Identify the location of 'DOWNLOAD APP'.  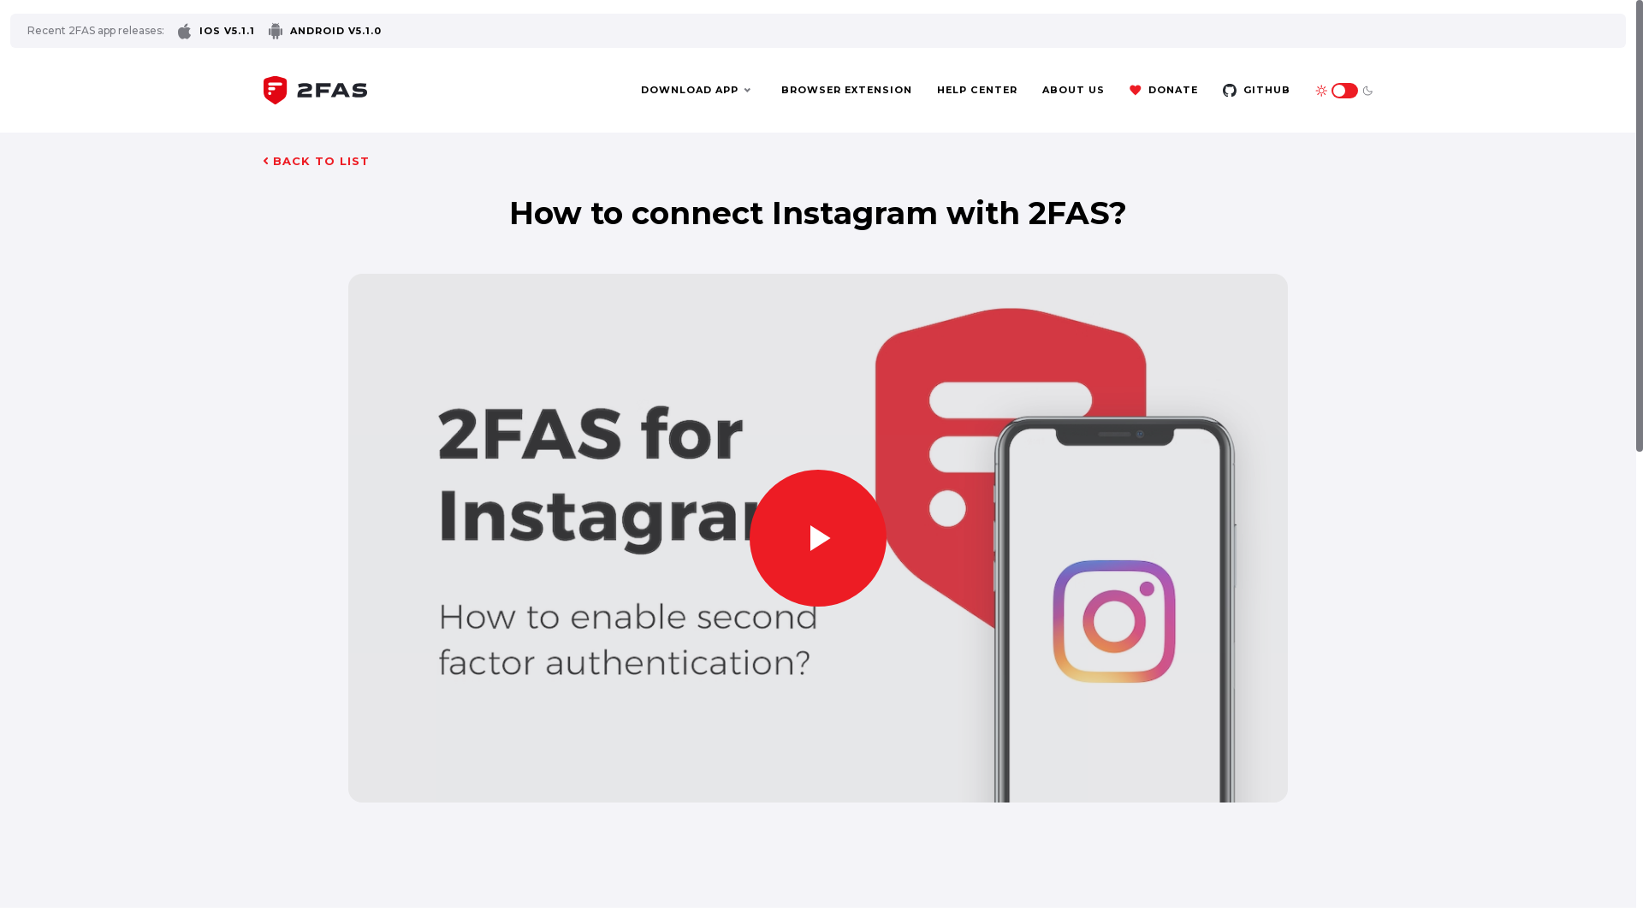
(696, 90).